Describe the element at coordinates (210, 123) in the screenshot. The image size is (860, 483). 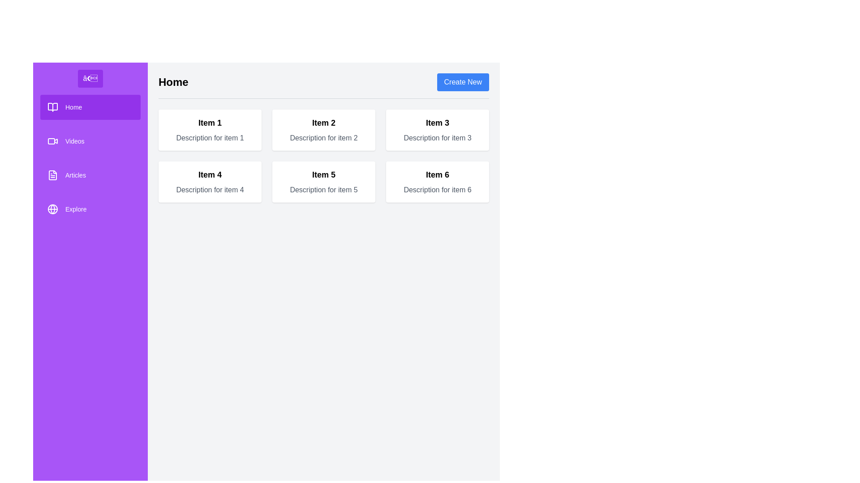
I see `the text label displaying 'Item 1' which is bold and larger in font size, located at the top-left corner of the grid` at that location.